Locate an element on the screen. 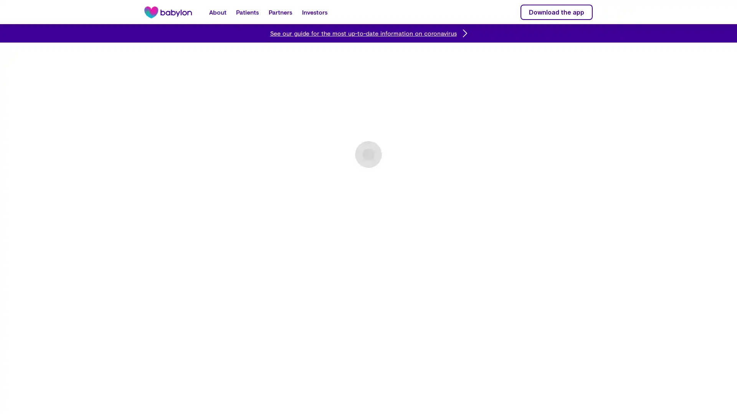 The width and height of the screenshot is (737, 414). Do Not Sell My Personal Information is located at coordinates (534, 397).